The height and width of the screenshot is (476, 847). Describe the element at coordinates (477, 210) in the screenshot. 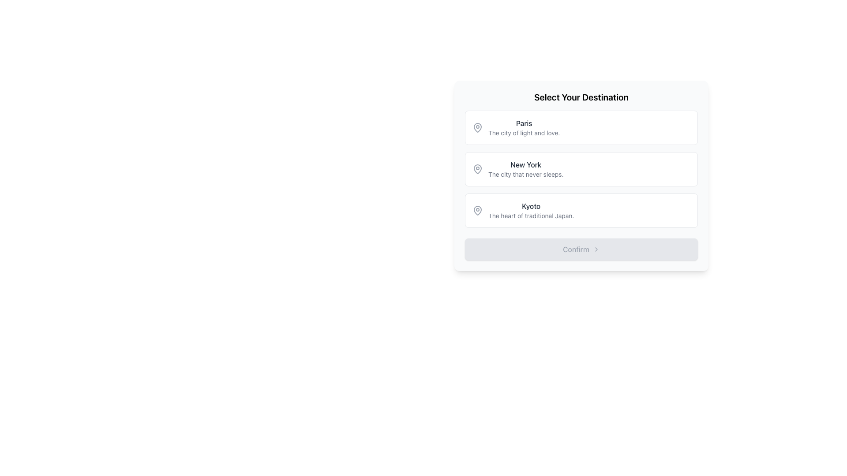

I see `the map pin icon representing the location marker for 'Kyoto' in the list of destinations` at that location.